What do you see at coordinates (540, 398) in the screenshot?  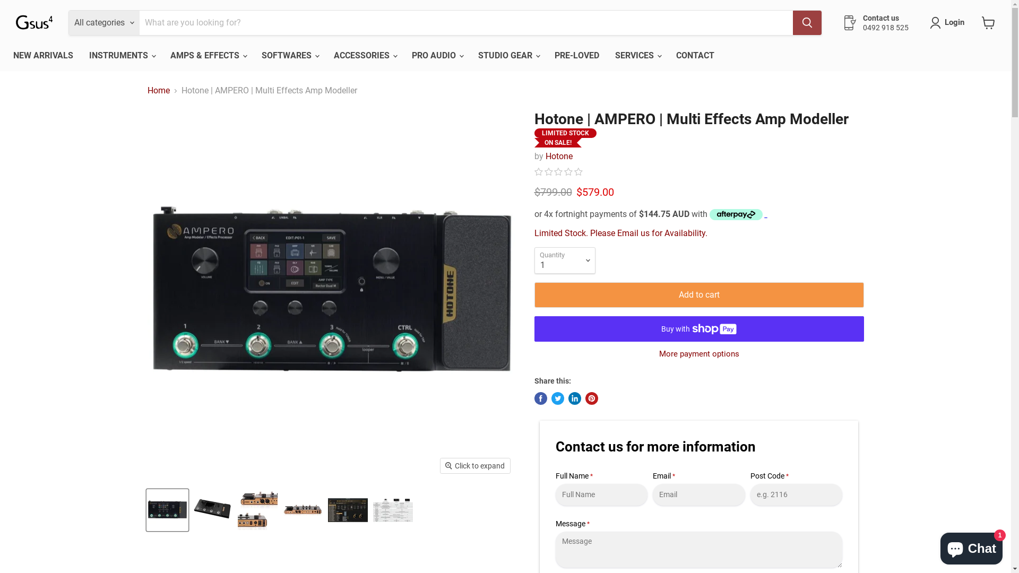 I see `'Share on Facebook'` at bounding box center [540, 398].